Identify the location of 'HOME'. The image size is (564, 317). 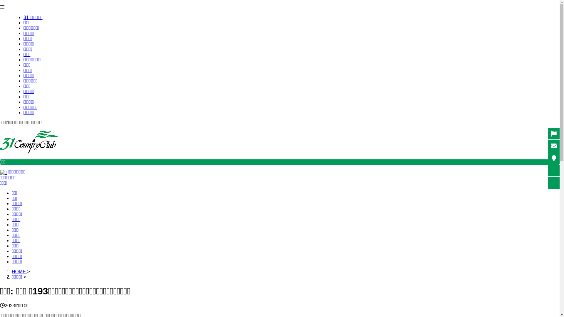
(19, 272).